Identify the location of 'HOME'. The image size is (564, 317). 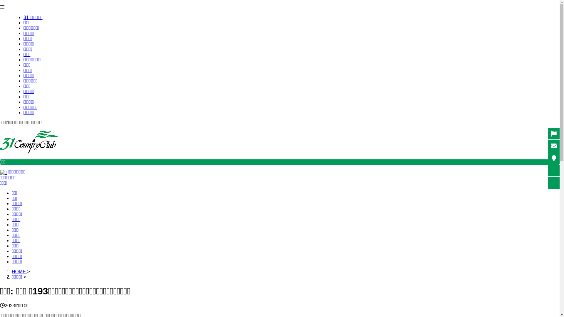
(19, 272).